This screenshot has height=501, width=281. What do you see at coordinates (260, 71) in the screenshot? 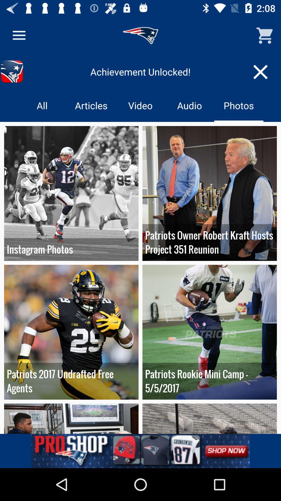
I see `the close icon` at bounding box center [260, 71].